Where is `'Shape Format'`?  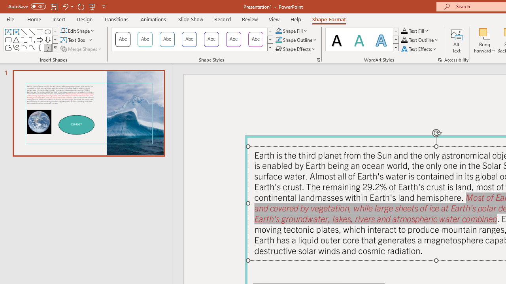 'Shape Format' is located at coordinates (329, 19).